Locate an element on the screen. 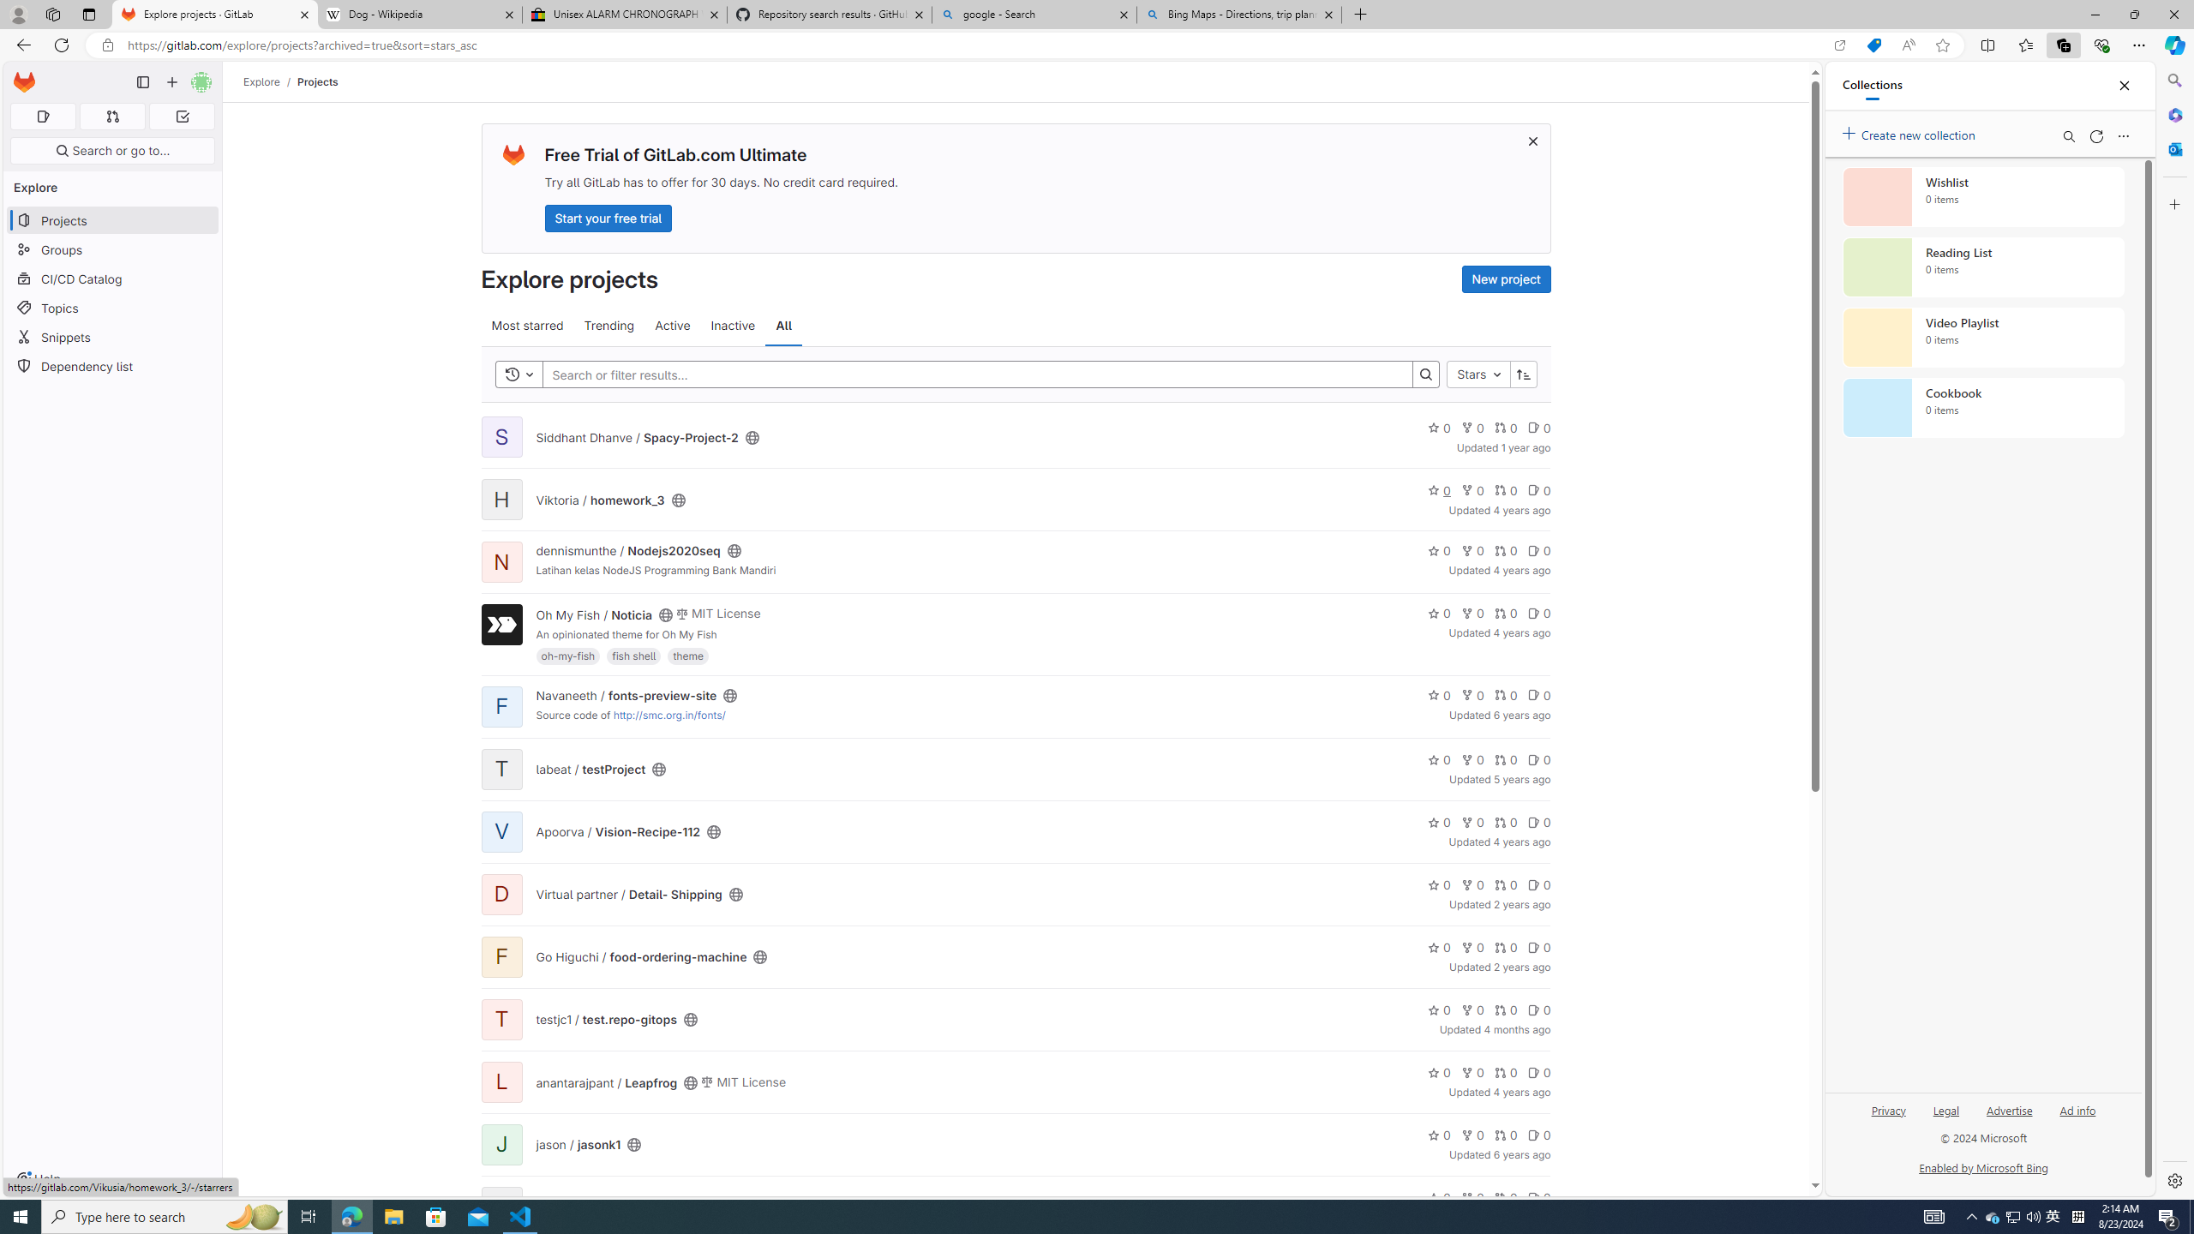 The height and width of the screenshot is (1234, 2194). 'J' is located at coordinates (500, 1142).